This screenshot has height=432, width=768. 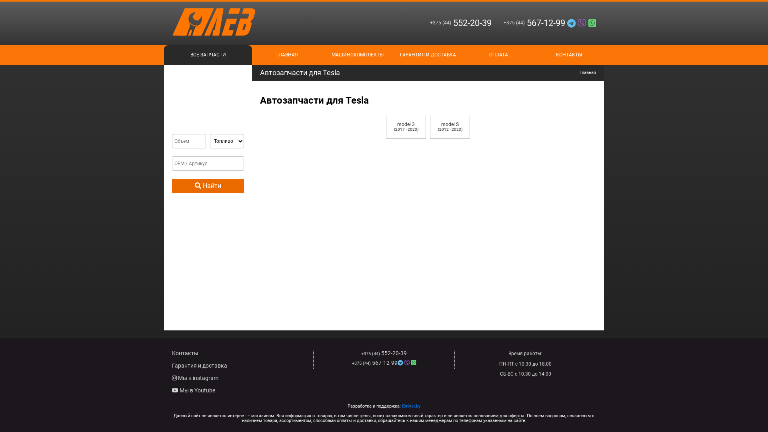 What do you see at coordinates (455, 22) in the screenshot?
I see `'+375 (44)` at bounding box center [455, 22].